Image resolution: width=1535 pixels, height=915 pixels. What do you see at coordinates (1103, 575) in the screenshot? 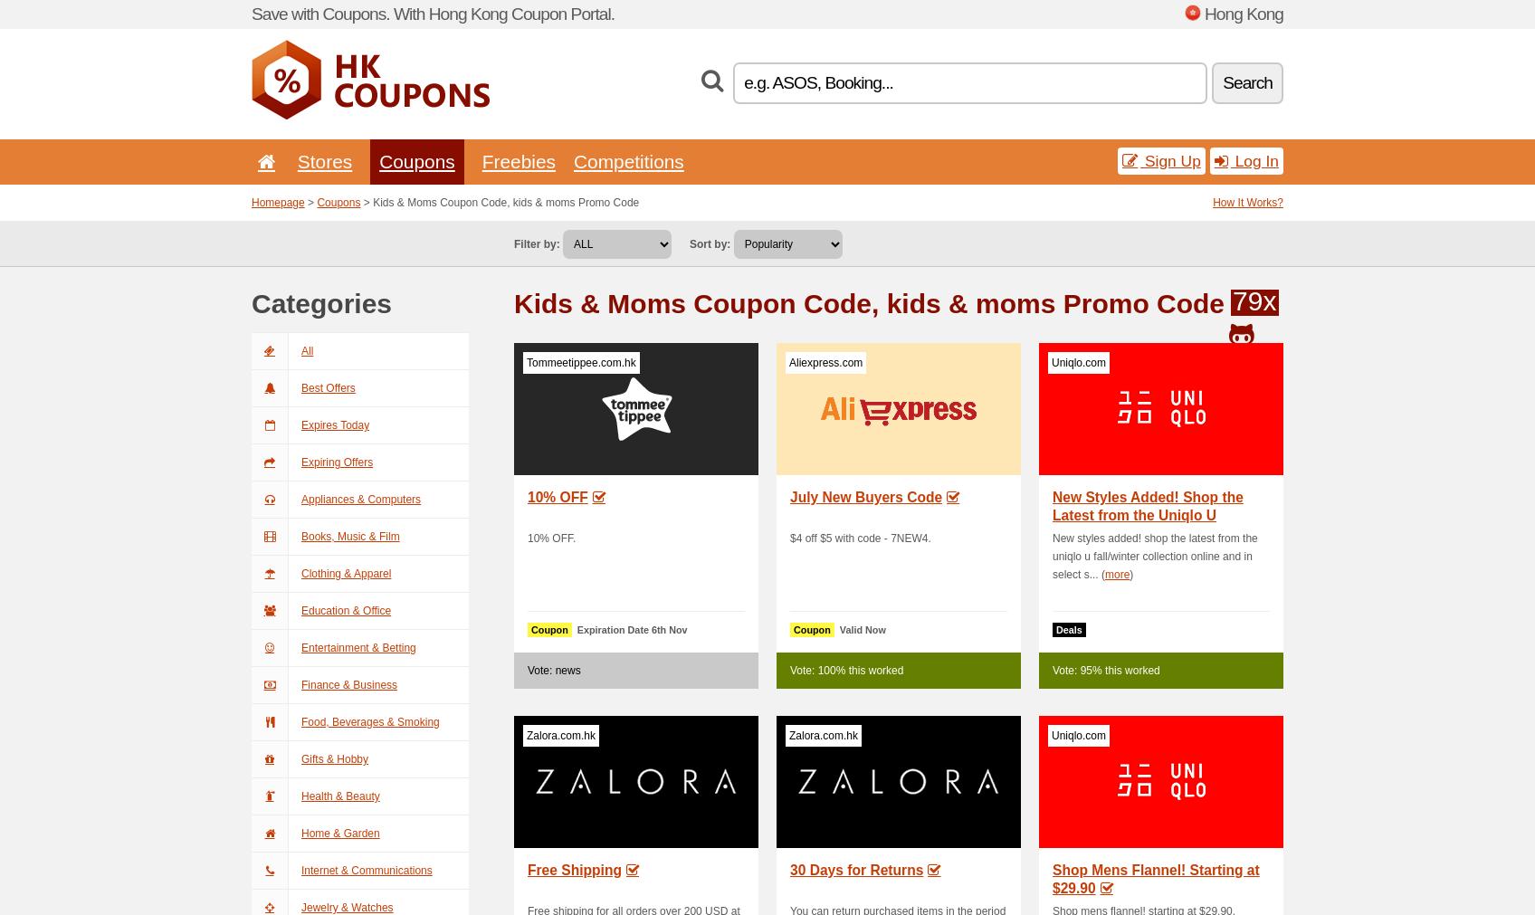
I see `'more'` at bounding box center [1103, 575].